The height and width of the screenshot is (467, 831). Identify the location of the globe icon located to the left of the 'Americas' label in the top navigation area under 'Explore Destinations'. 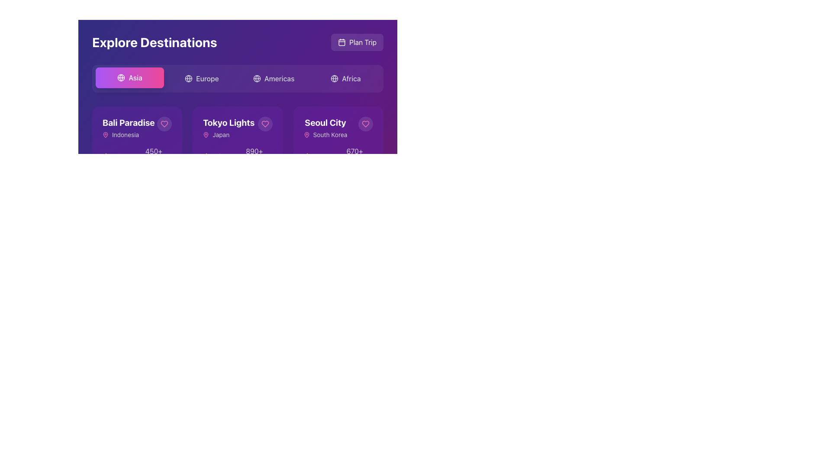
(256, 78).